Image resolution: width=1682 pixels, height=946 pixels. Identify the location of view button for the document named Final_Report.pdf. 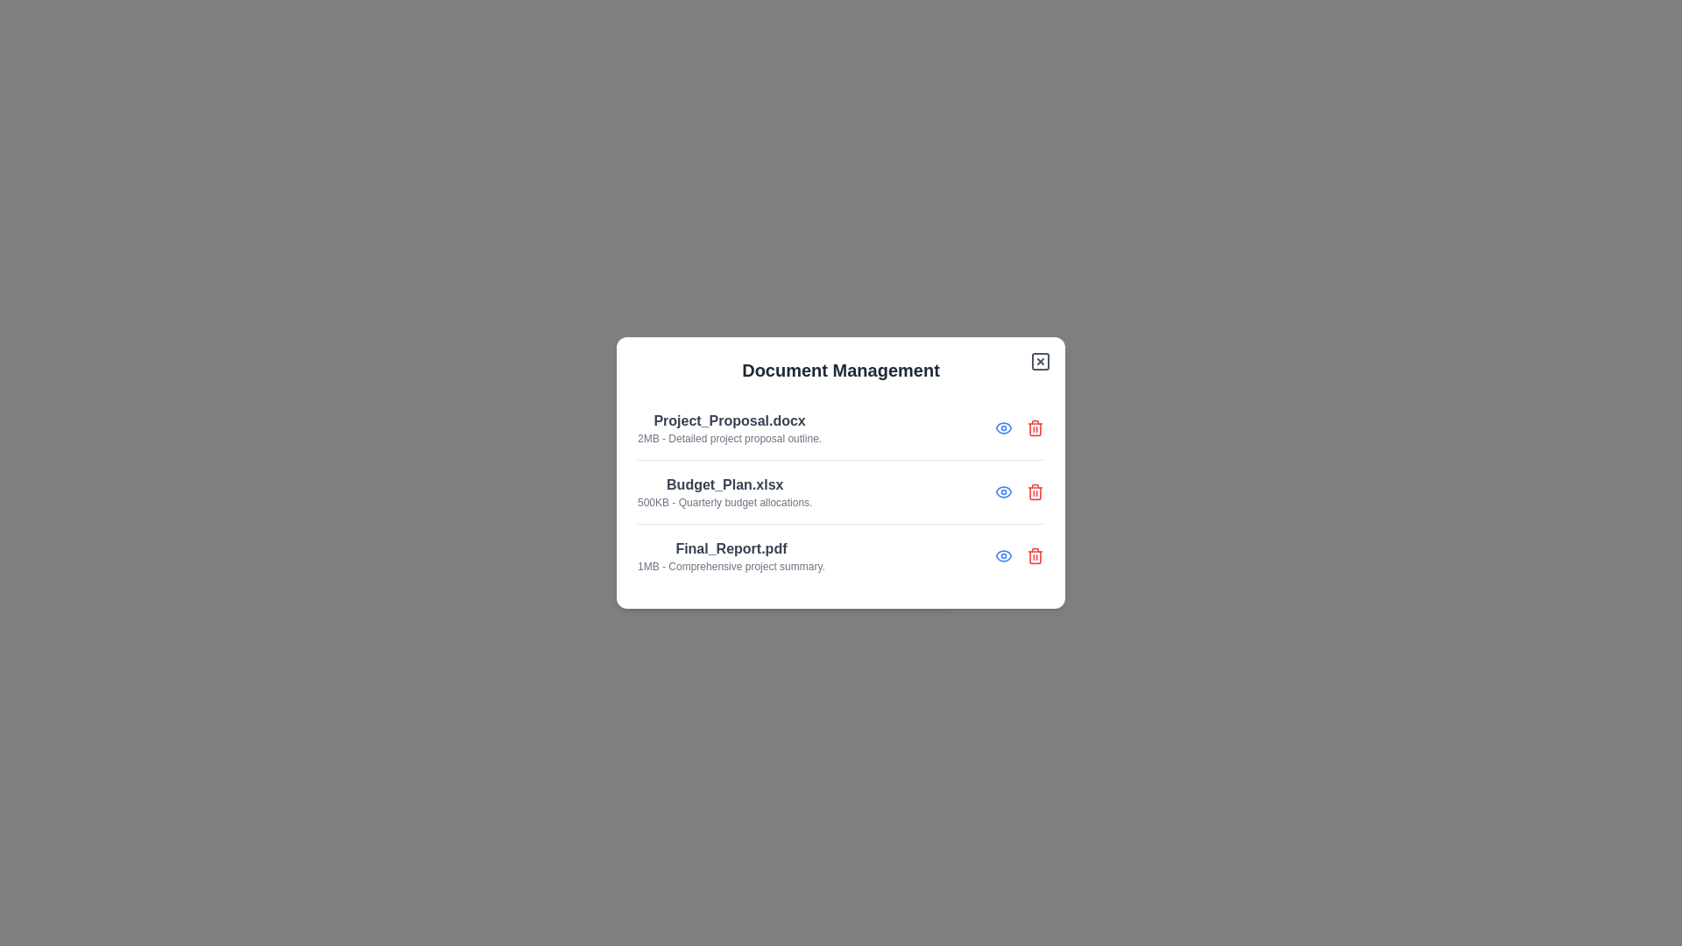
(1004, 556).